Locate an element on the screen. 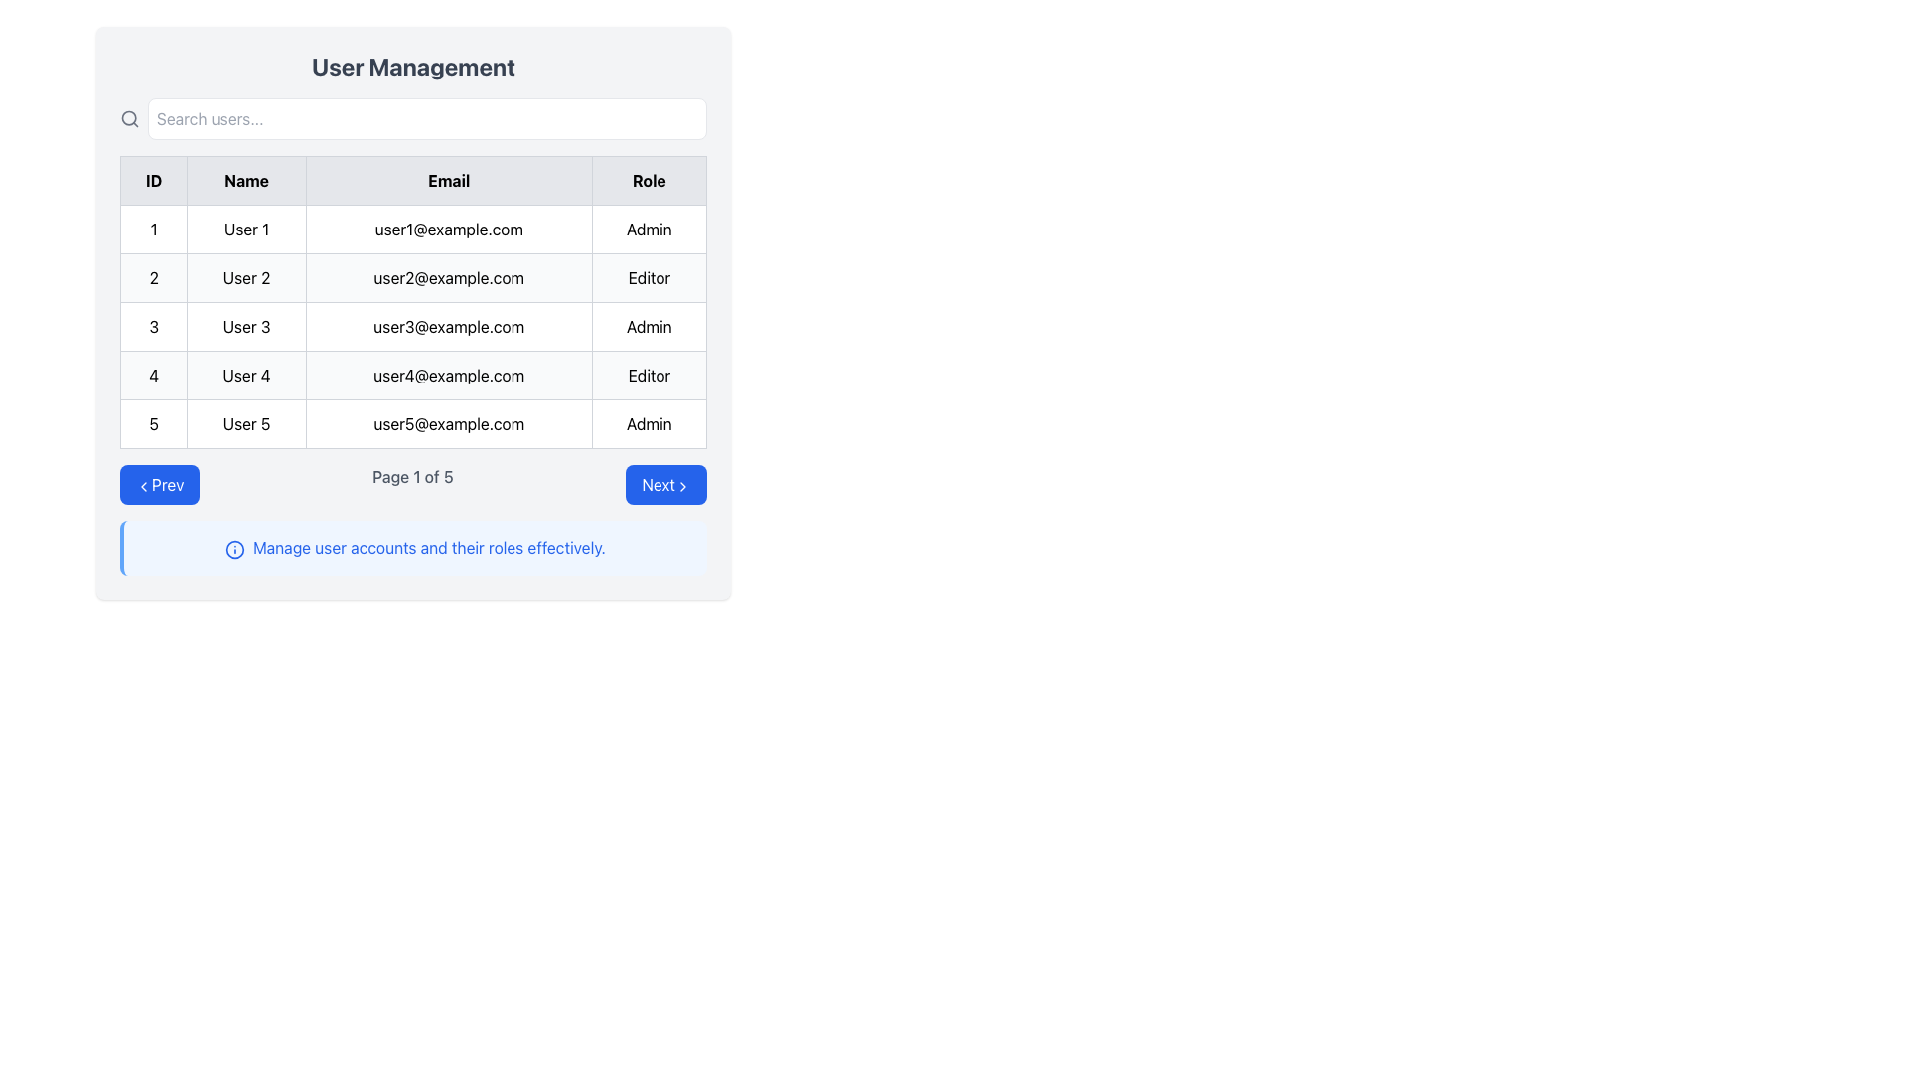 The width and height of the screenshot is (1907, 1073). the static text label displaying 'User 1' in the user management table, located in the first row under the 'Name' column is located at coordinates (245, 229).